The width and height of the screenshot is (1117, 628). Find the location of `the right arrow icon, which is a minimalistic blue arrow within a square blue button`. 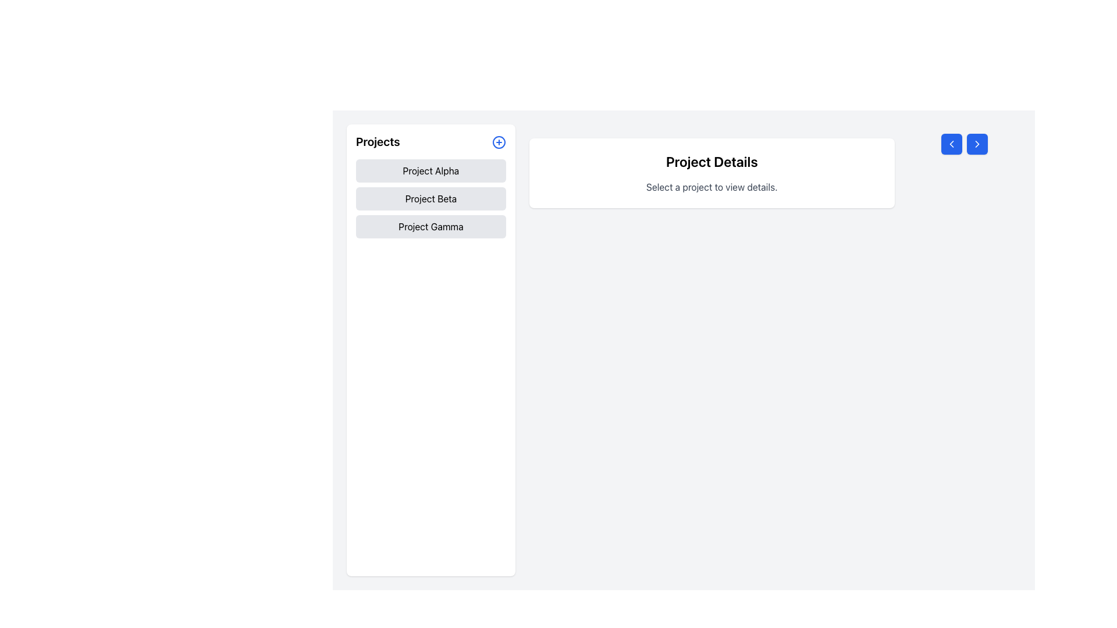

the right arrow icon, which is a minimalistic blue arrow within a square blue button is located at coordinates (977, 143).